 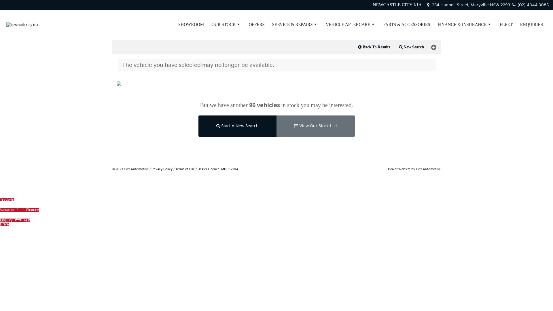 I want to click on 'Back To Results', so click(x=374, y=47).